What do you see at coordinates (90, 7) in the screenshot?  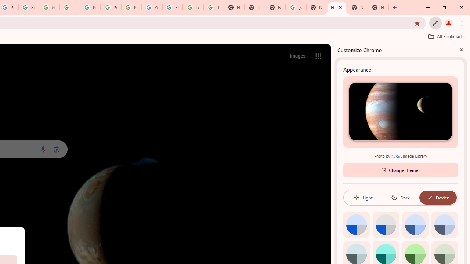 I see `'Privacy Help Center - Policies Help'` at bounding box center [90, 7].